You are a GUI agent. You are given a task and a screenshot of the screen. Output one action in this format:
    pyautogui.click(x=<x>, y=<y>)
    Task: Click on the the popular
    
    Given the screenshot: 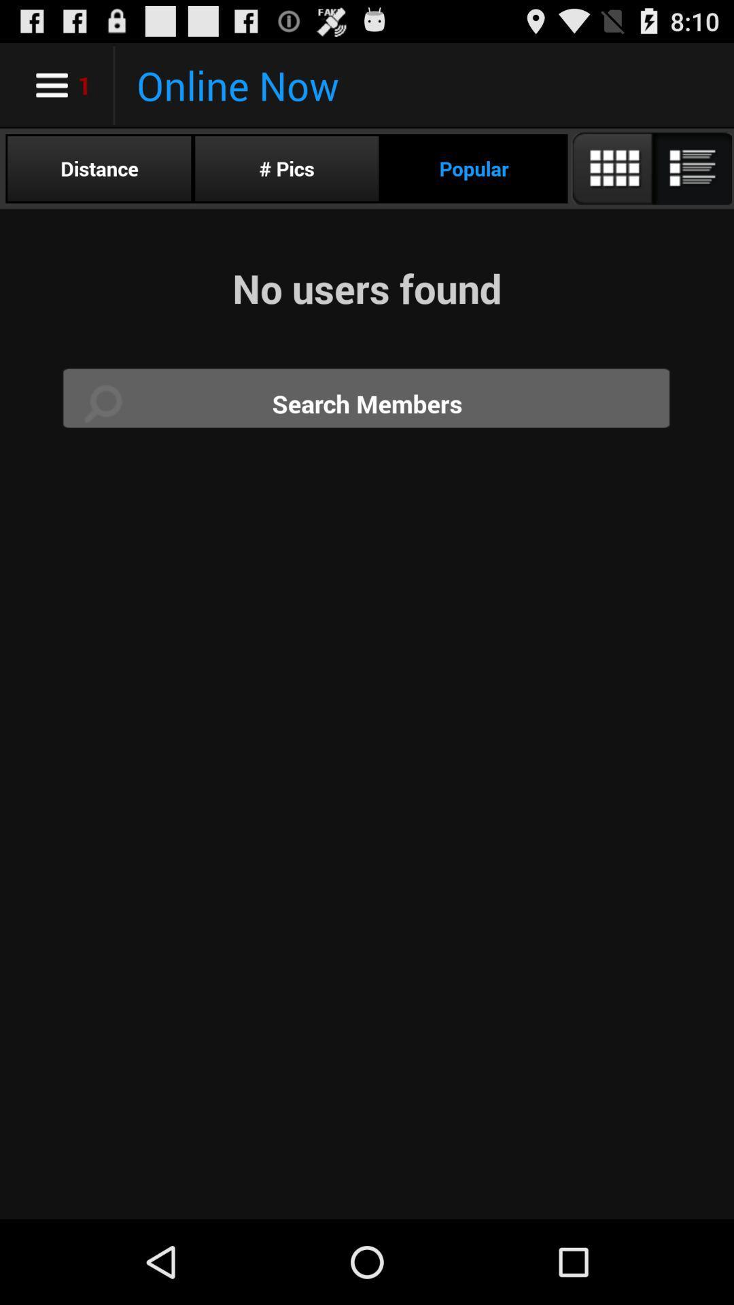 What is the action you would take?
    pyautogui.click(x=473, y=168)
    